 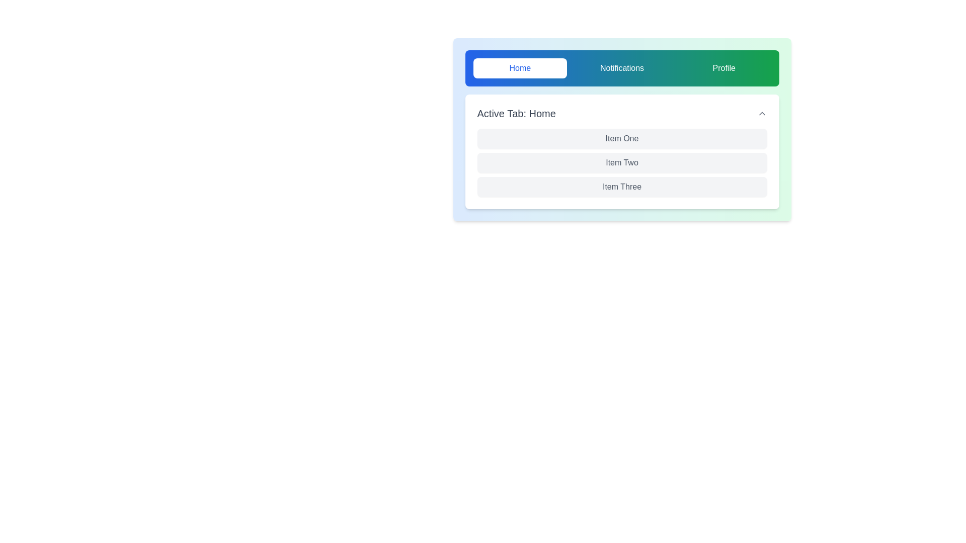 What do you see at coordinates (520, 68) in the screenshot?
I see `the 'Home' navigation button located at the leftmost side of the navigation bar to trigger potential hover effects` at bounding box center [520, 68].